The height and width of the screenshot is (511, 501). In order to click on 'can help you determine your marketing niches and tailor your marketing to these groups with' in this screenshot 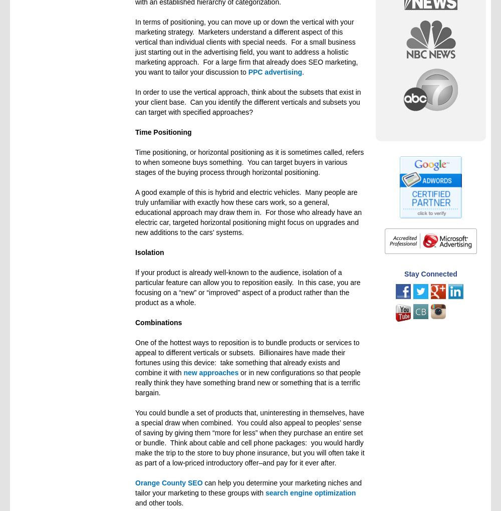, I will do `click(248, 487)`.